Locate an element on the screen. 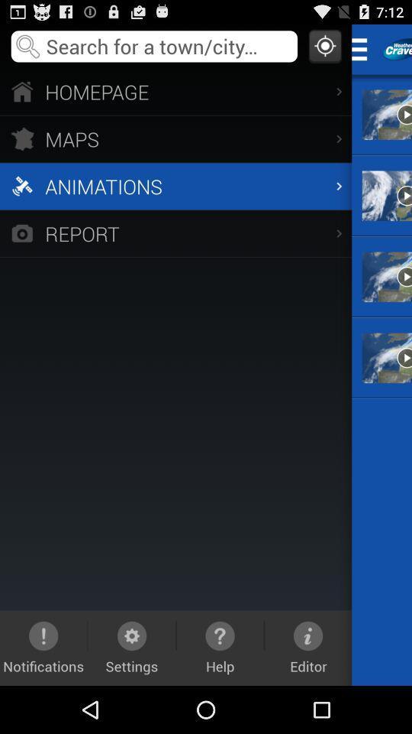  the icon next to homepage app is located at coordinates (363, 49).